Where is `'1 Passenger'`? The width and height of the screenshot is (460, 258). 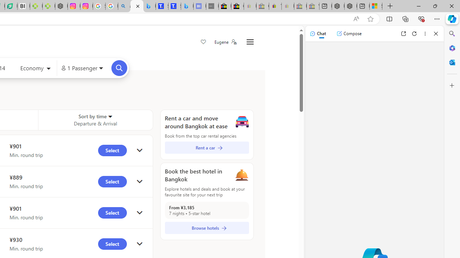
'1 Passenger' is located at coordinates (82, 68).